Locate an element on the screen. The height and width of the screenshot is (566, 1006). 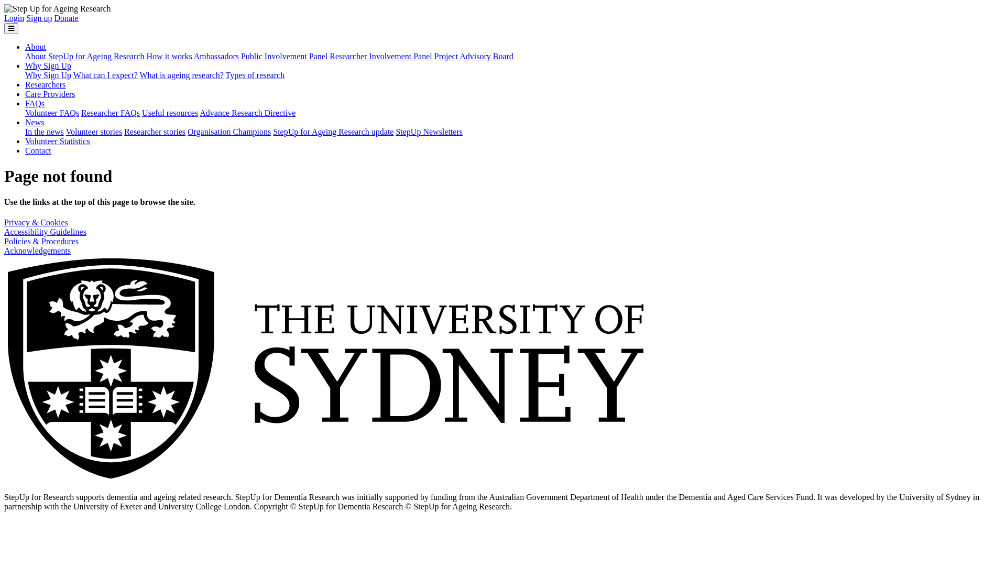
'What is ageing research?' is located at coordinates (181, 74).